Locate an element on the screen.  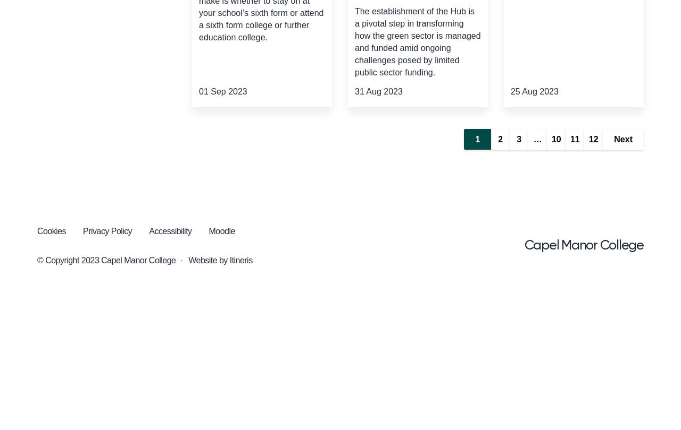
'10' is located at coordinates (555, 139).